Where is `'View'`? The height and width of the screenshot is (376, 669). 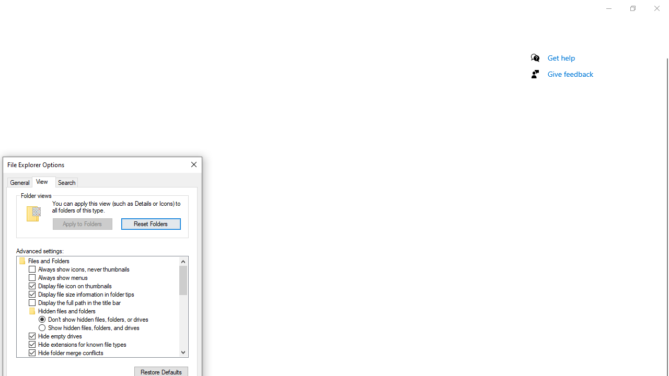
'View' is located at coordinates (43, 181).